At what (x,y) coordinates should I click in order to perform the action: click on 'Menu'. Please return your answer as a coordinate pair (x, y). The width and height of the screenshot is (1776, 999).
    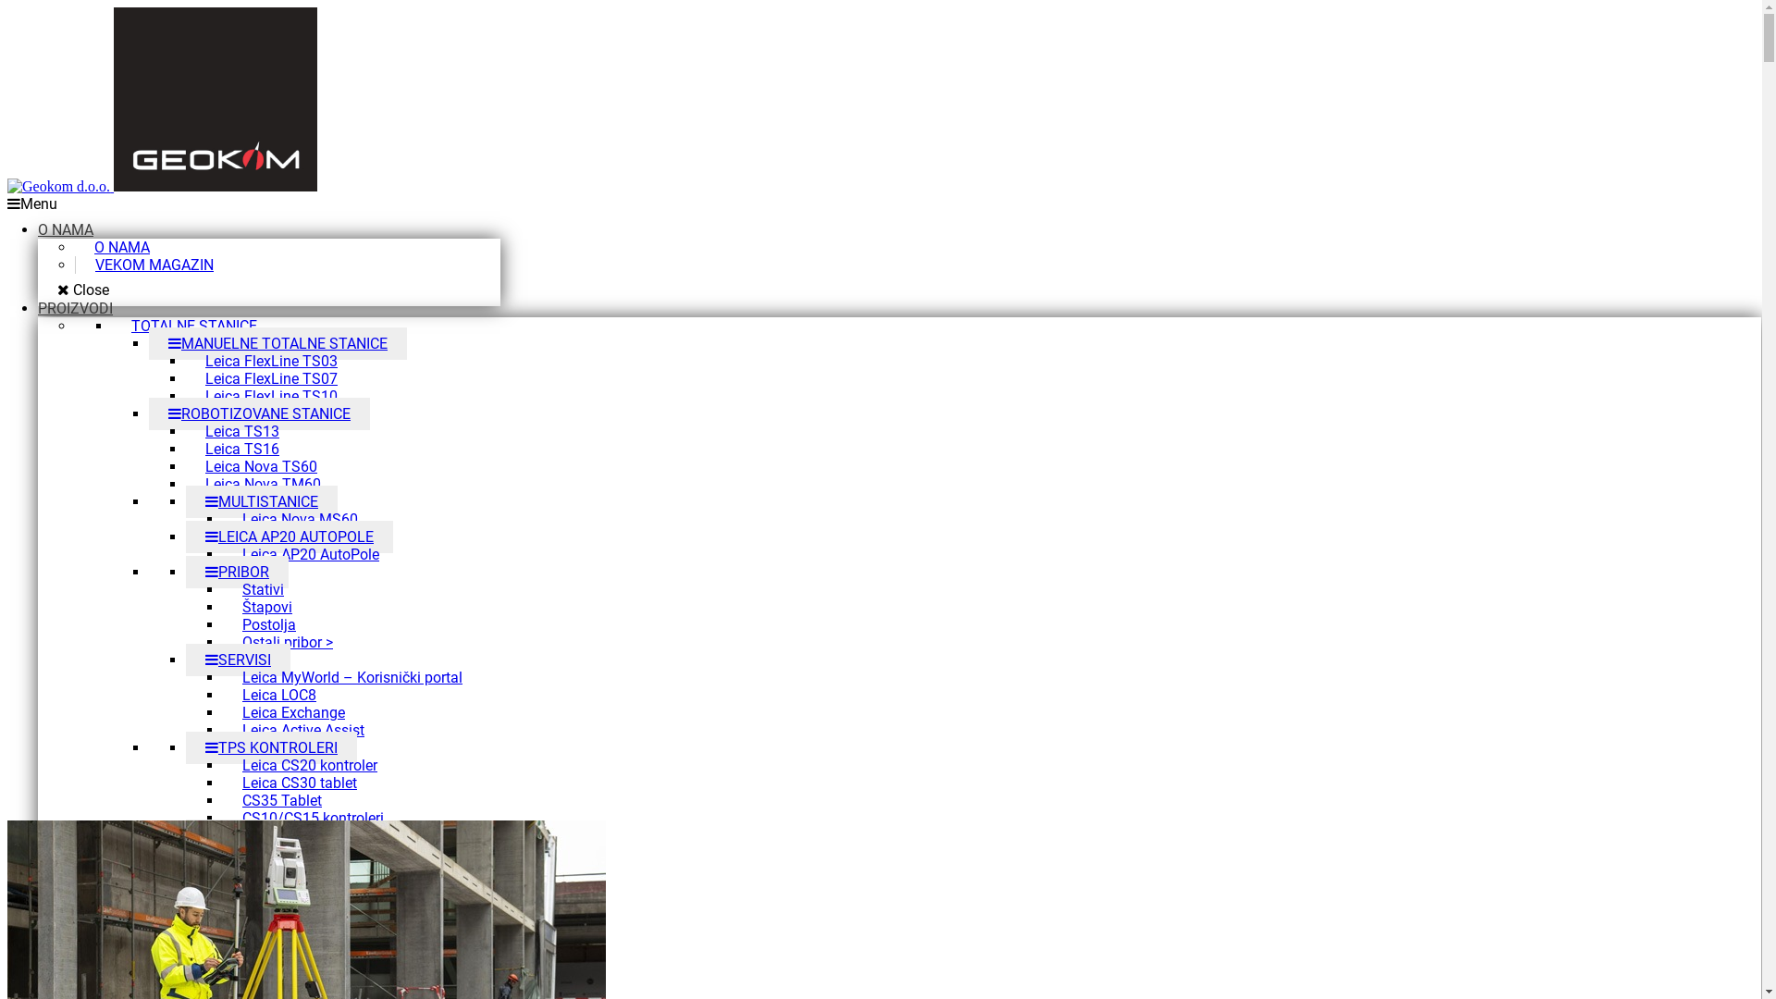
    Looking at the image, I should click on (31, 203).